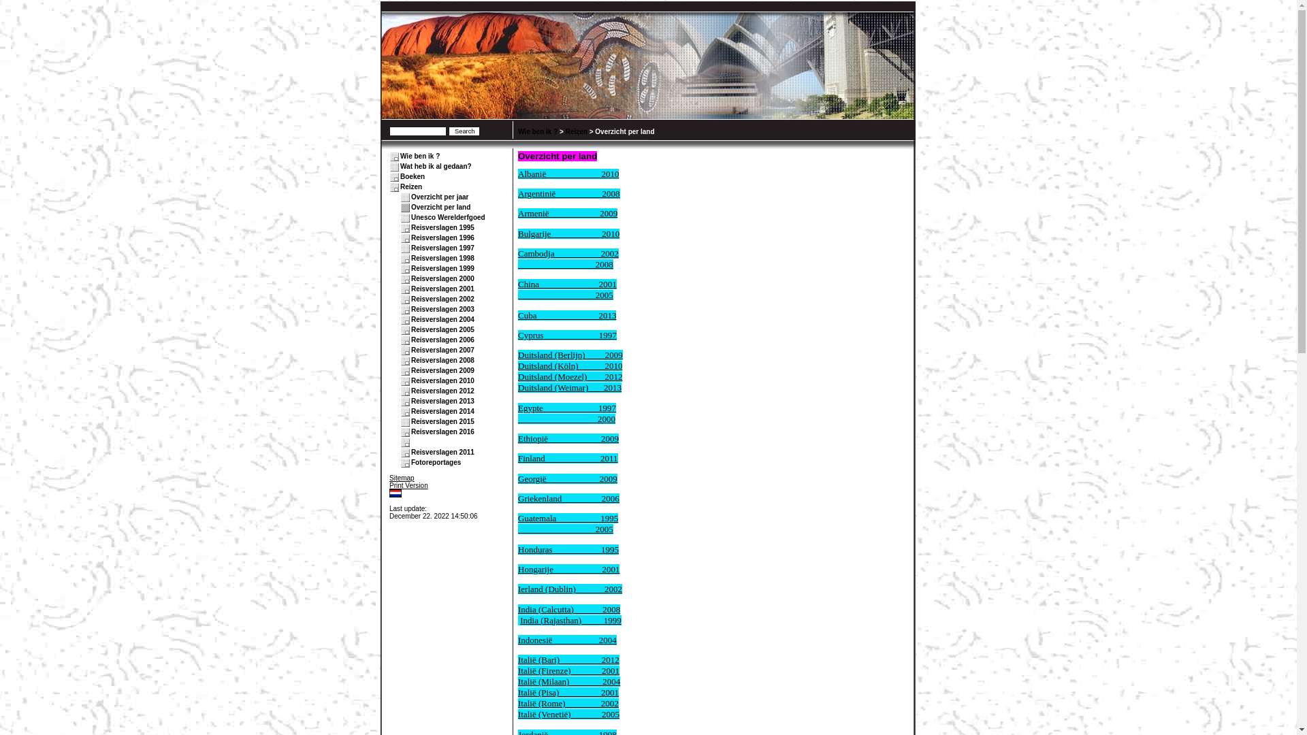 This screenshot has height=735, width=1307. What do you see at coordinates (570, 588) in the screenshot?
I see `'Ierland (Dublin)             2002'` at bounding box center [570, 588].